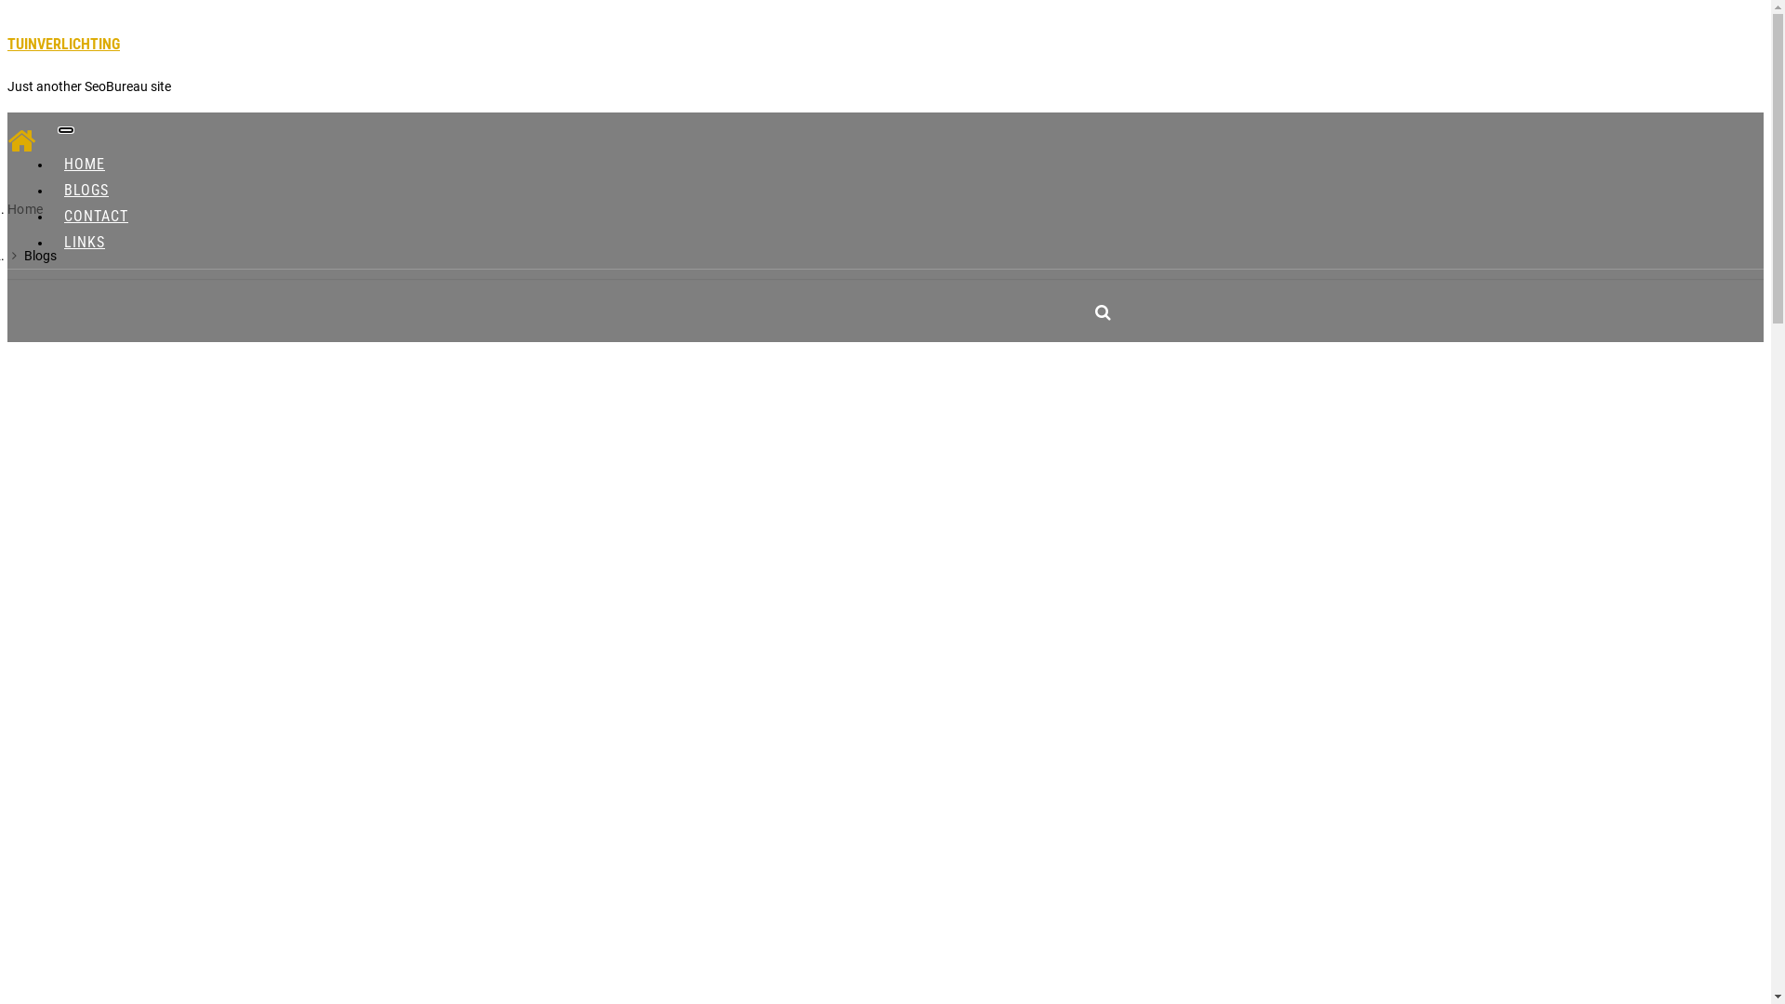  Describe the element at coordinates (66, 128) in the screenshot. I see `'Toggle navigation'` at that location.